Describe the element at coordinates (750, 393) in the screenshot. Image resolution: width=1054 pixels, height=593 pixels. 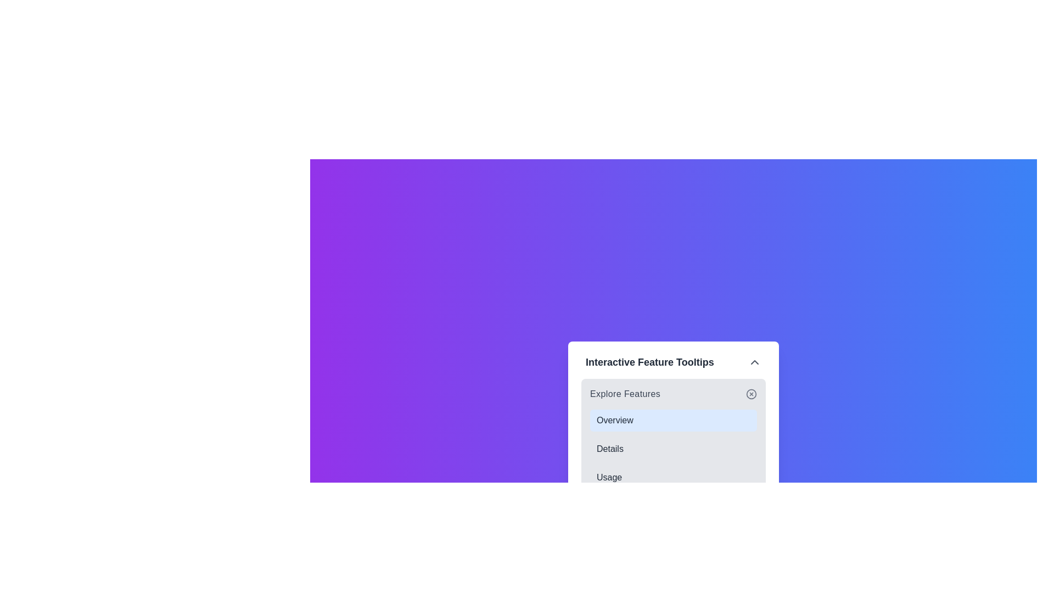
I see `the circular gray button with a cross inside located at the top right corner of the Explore Features section` at that location.